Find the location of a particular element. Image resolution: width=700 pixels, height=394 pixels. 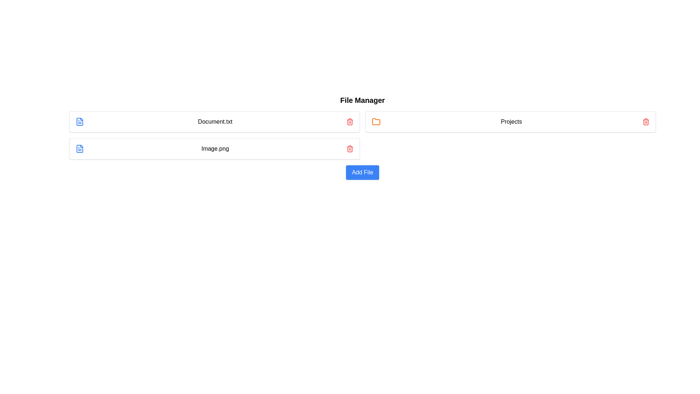

the text label displaying 'Image.png' in the file manager interface, which is centrally aligned in the second row of the file list is located at coordinates (215, 148).